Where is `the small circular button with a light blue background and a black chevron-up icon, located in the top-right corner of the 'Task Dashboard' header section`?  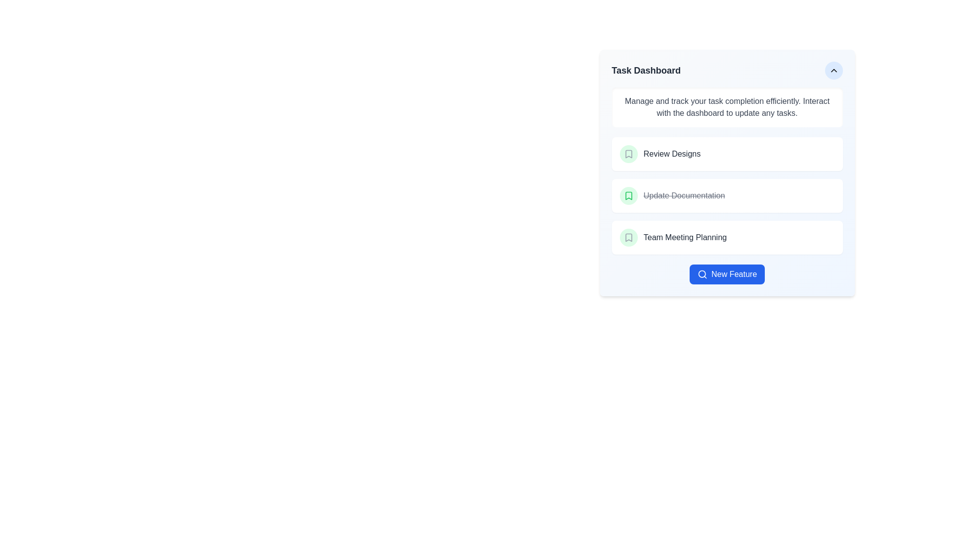
the small circular button with a light blue background and a black chevron-up icon, located in the top-right corner of the 'Task Dashboard' header section is located at coordinates (834, 70).